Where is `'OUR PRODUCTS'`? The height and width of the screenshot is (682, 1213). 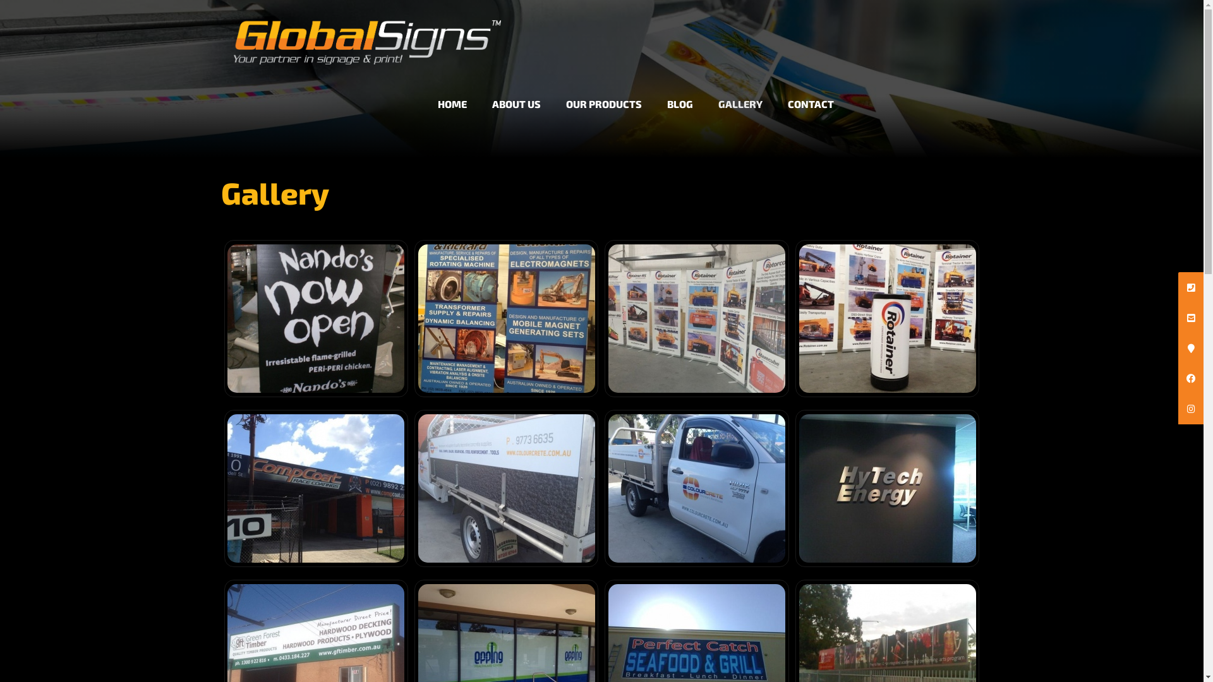 'OUR PRODUCTS' is located at coordinates (553, 92).